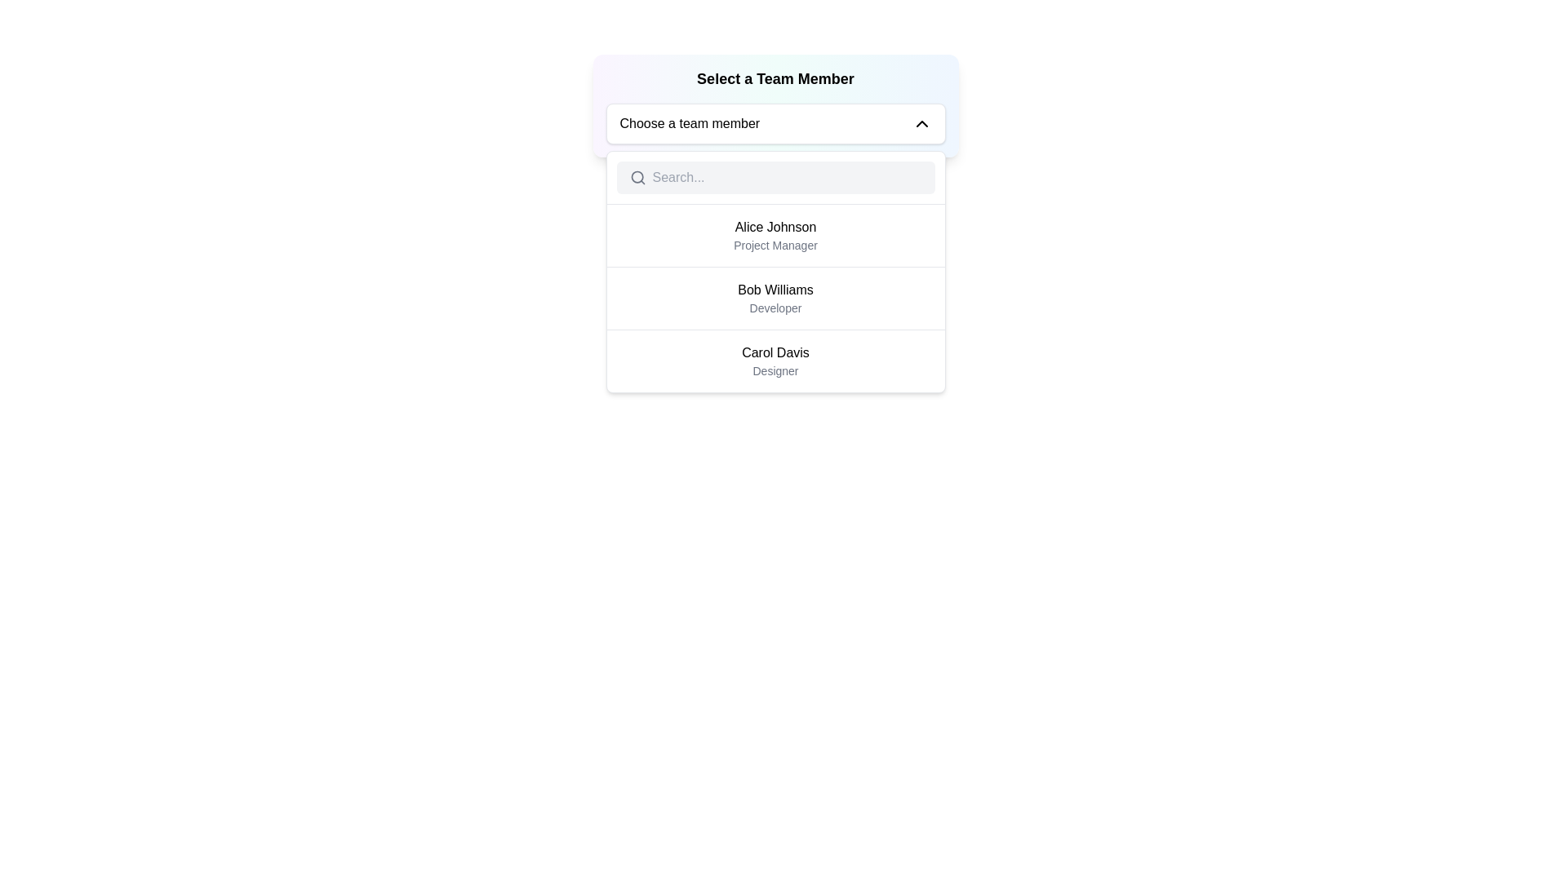 The image size is (1567, 881). Describe the element at coordinates (775, 298) in the screenshot. I see `the button-like list item displaying 'Bob Williams' in the dropdown menu` at that location.